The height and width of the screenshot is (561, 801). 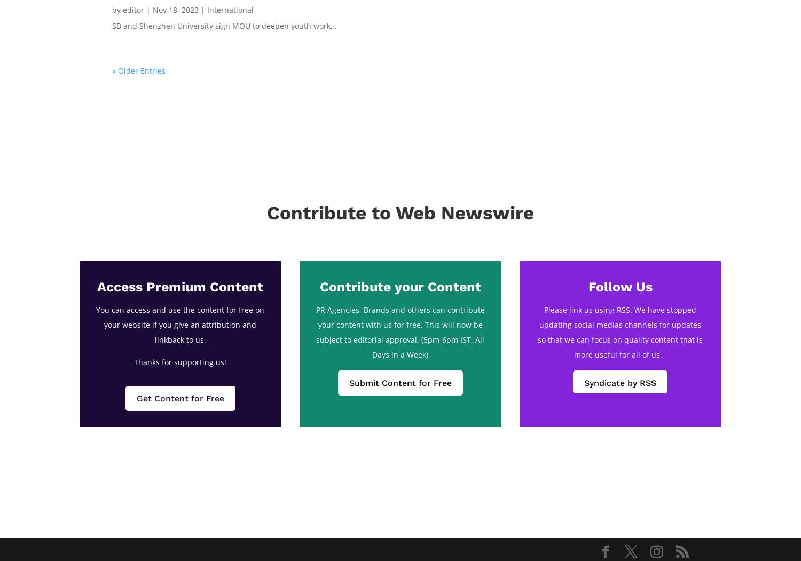 I want to click on 'Submit Content for Free', so click(x=348, y=382).